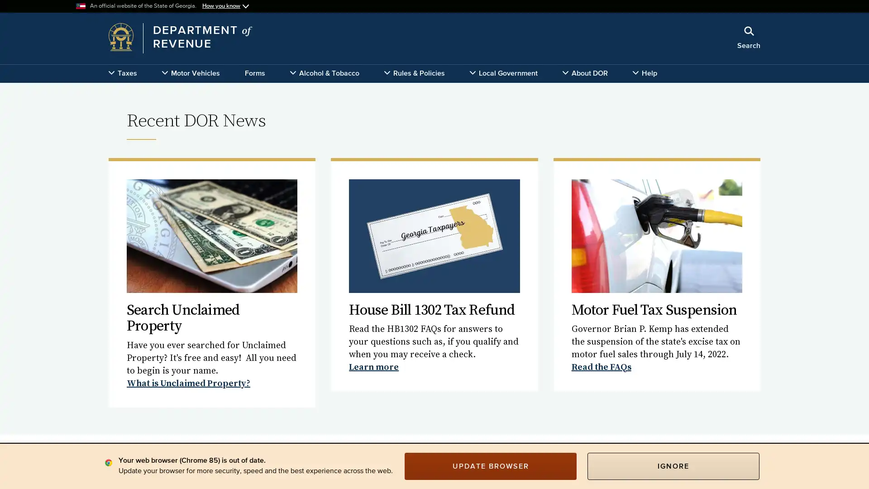 The height and width of the screenshot is (489, 869). What do you see at coordinates (673, 466) in the screenshot?
I see `IGNORE` at bounding box center [673, 466].